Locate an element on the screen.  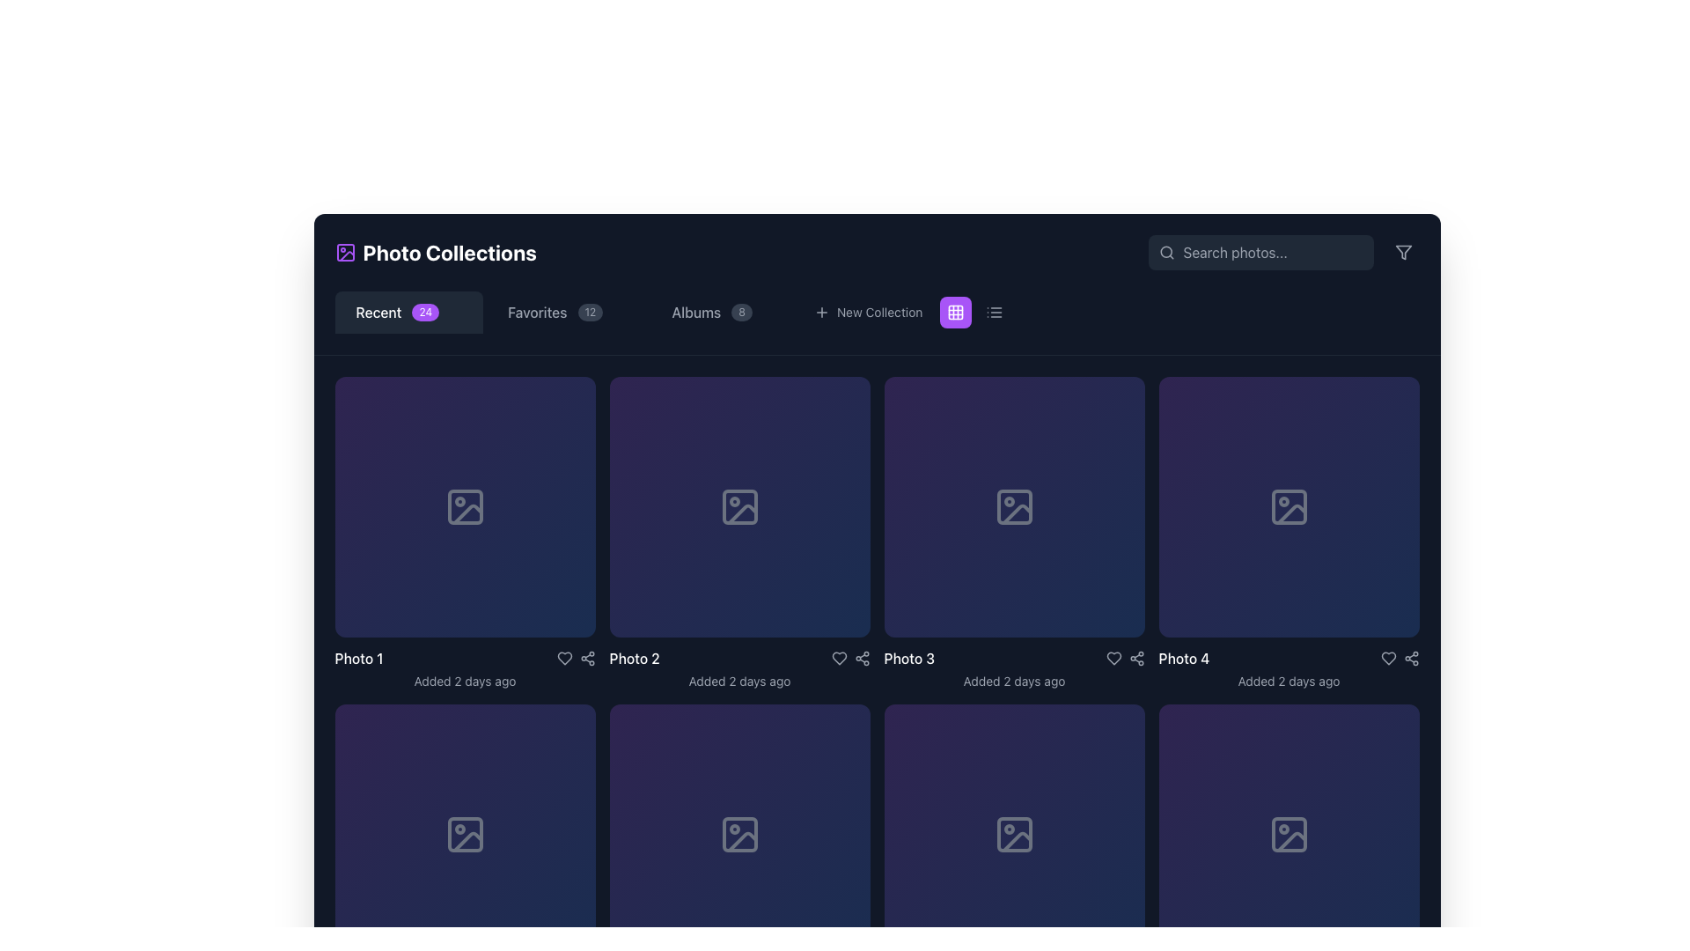
the heart-shaped icon within the toolbar of the 'Photo 2' photo card to like or favorite the photo is located at coordinates (564, 659).